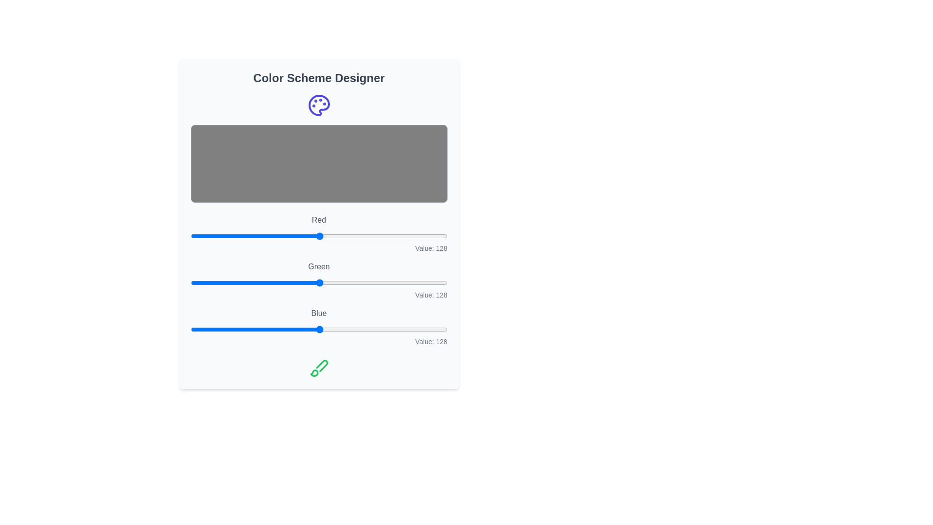 Image resolution: width=933 pixels, height=525 pixels. I want to click on the blue color value, so click(248, 329).